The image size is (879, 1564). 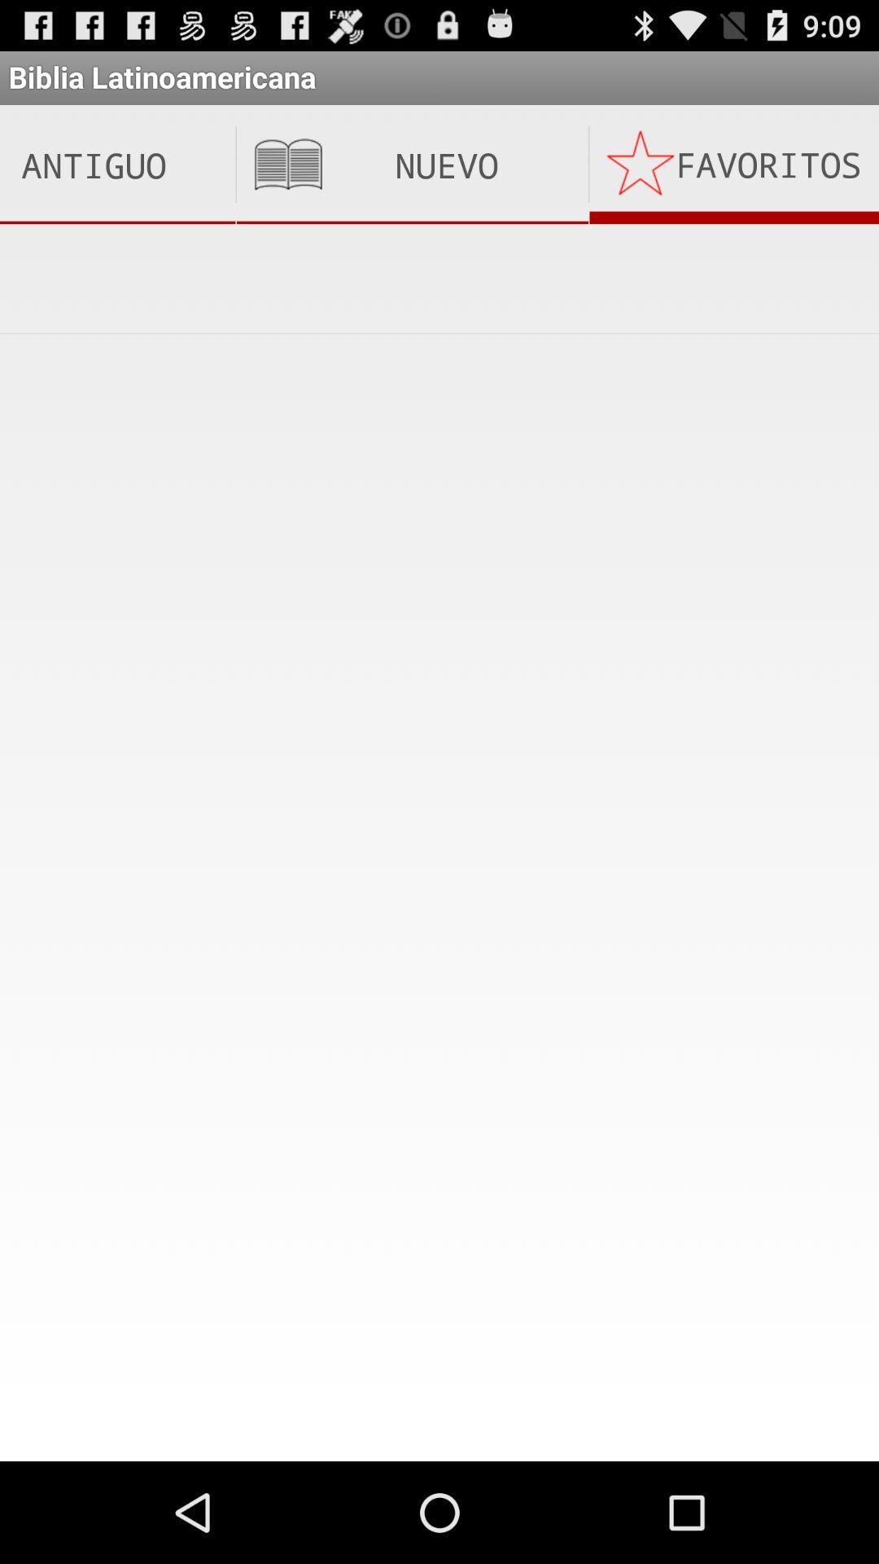 I want to click on item at the top left corner, so click(x=116, y=165).